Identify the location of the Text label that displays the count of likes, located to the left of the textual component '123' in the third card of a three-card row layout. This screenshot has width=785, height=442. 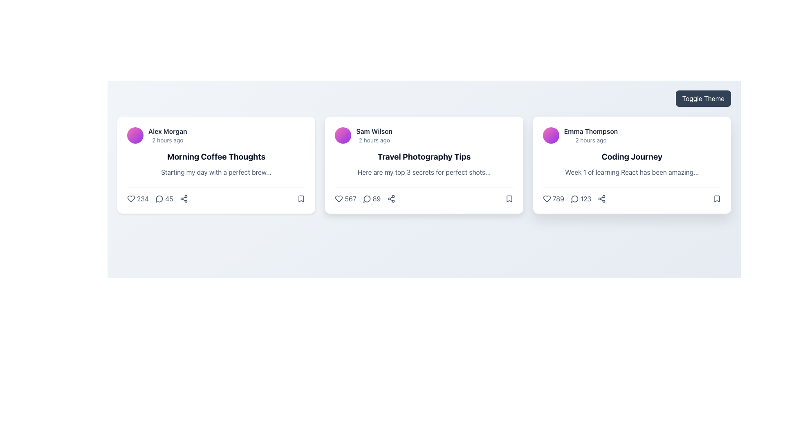
(553, 199).